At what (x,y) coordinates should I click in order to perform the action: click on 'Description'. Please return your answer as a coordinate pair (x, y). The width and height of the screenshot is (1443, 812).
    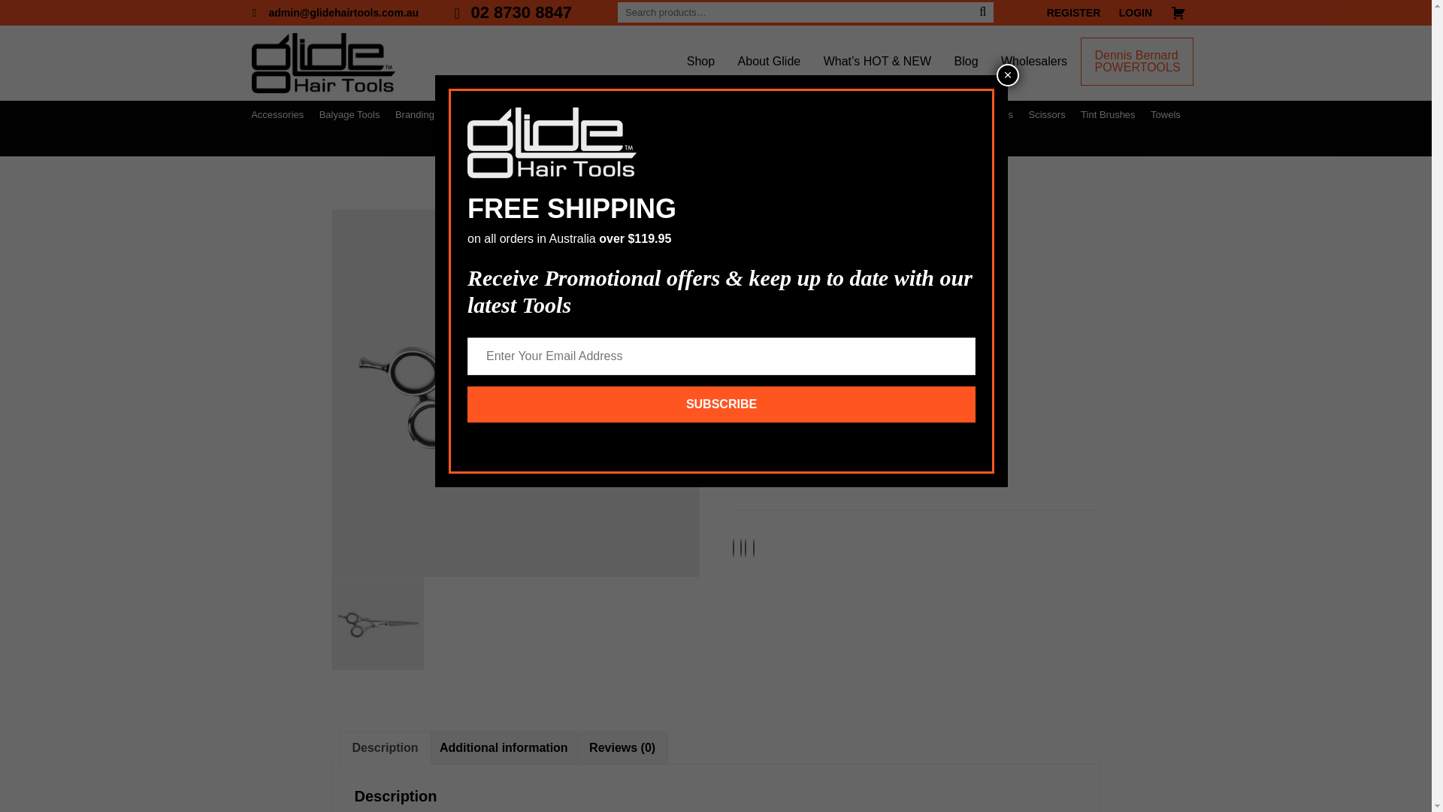
    Looking at the image, I should click on (385, 748).